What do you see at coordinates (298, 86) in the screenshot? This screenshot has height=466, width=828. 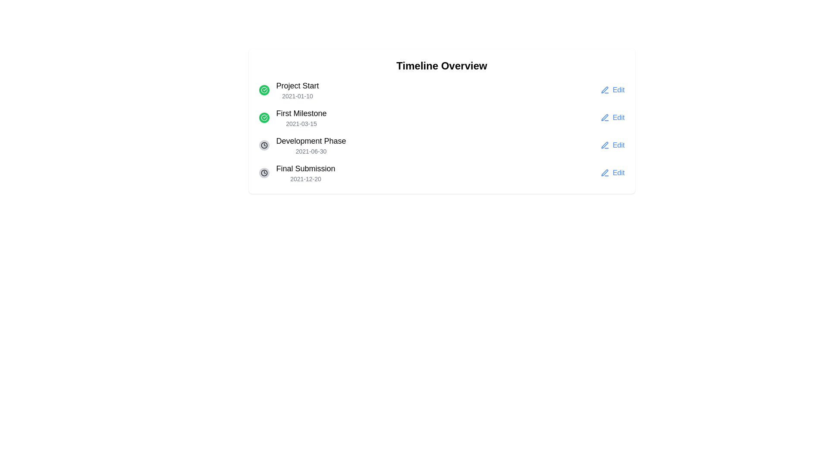 I see `text label that represents a milestone in the timeline overview, located above the date '2021-01-10' and adjacent to a checkmark icon` at bounding box center [298, 86].